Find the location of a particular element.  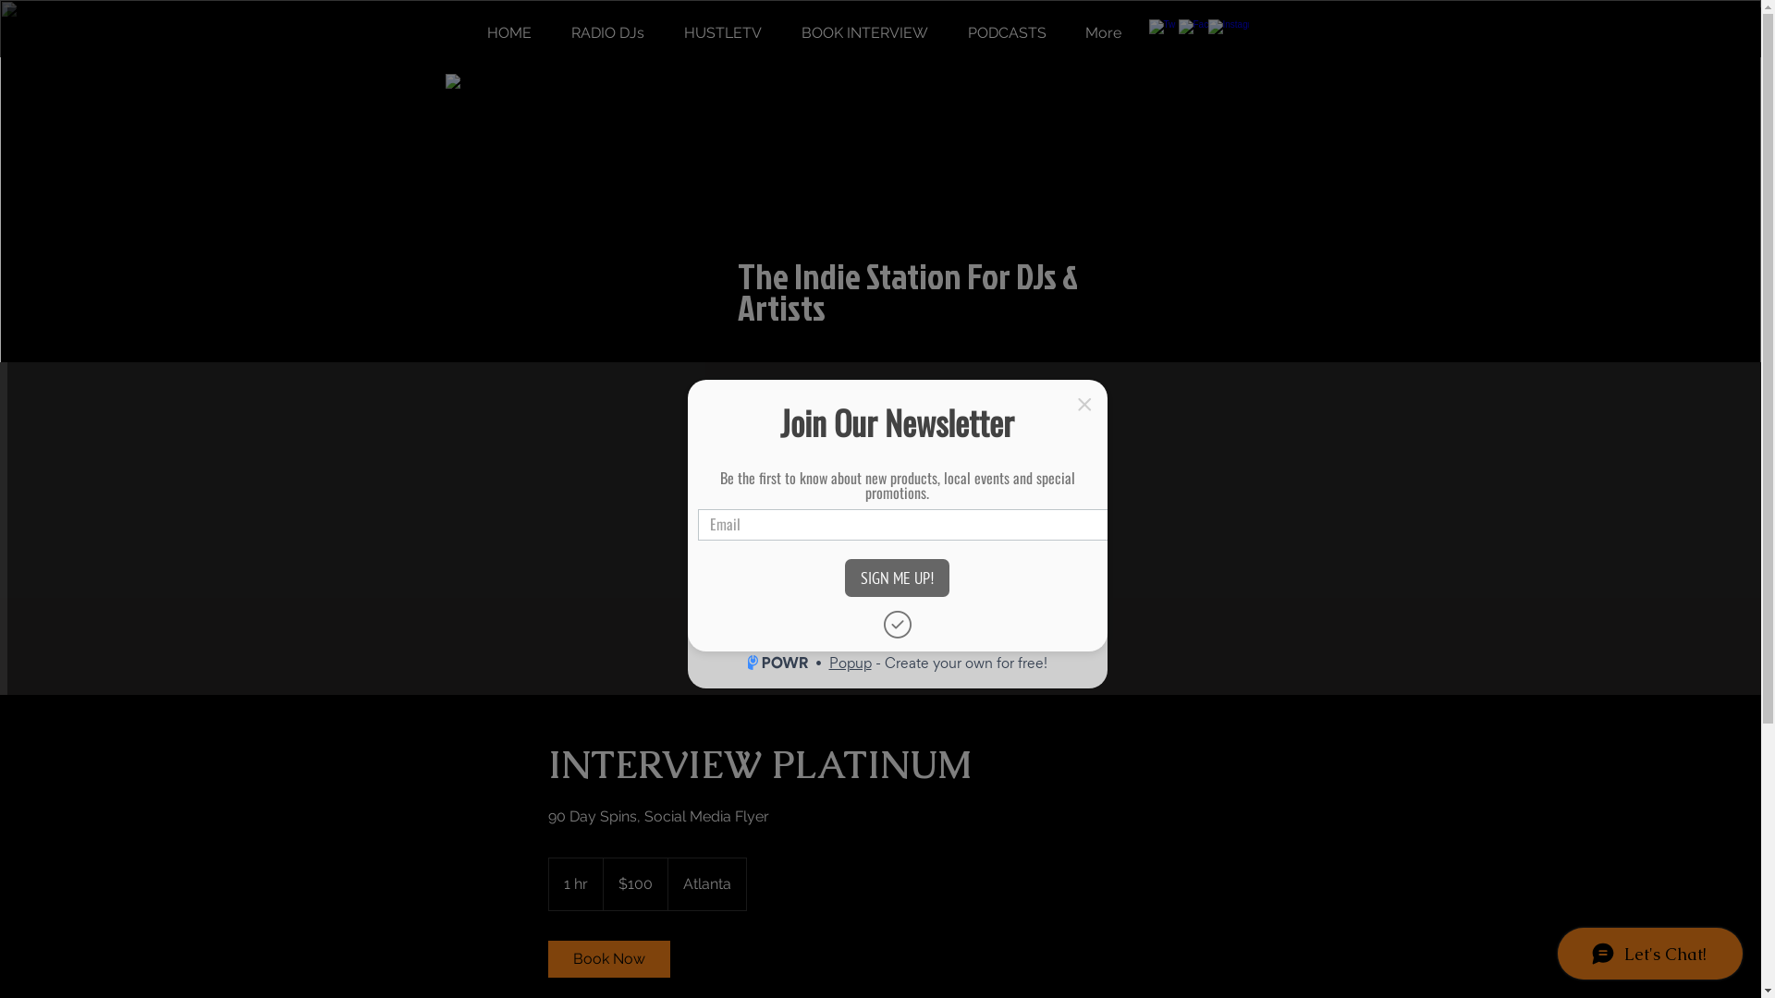

'PODCASTS' is located at coordinates (1006, 32).